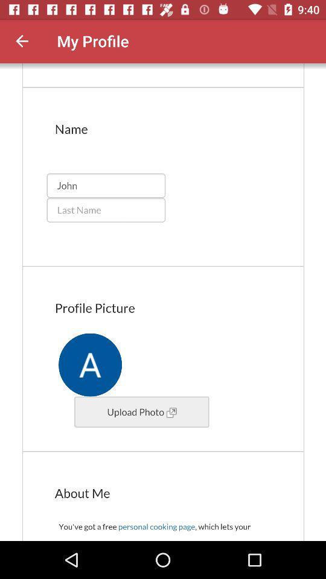  What do you see at coordinates (22, 41) in the screenshot?
I see `go back` at bounding box center [22, 41].